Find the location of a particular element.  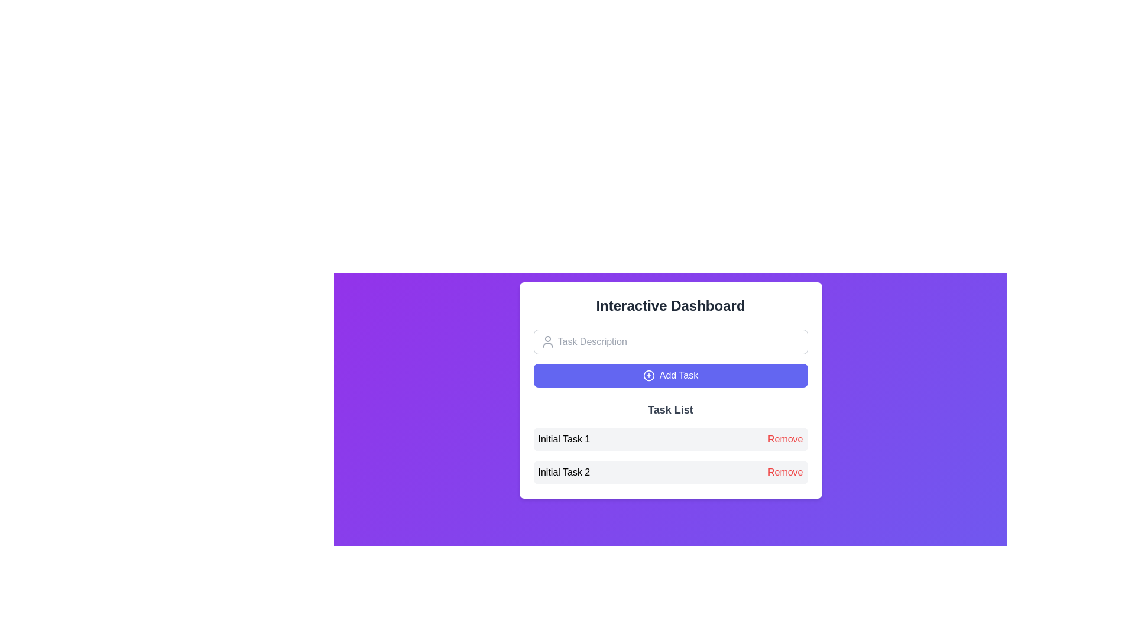

the task rows in the 'Task List' section, which contains tasks like 'Initial Task 1' and 'Initial Task 2' with a 'Remove' button on the right is located at coordinates (670, 442).